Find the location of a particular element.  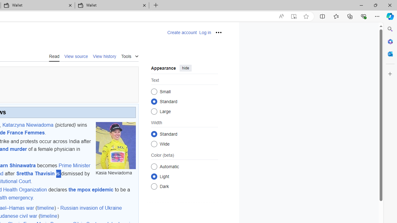

'Personal tools' is located at coordinates (218, 33).